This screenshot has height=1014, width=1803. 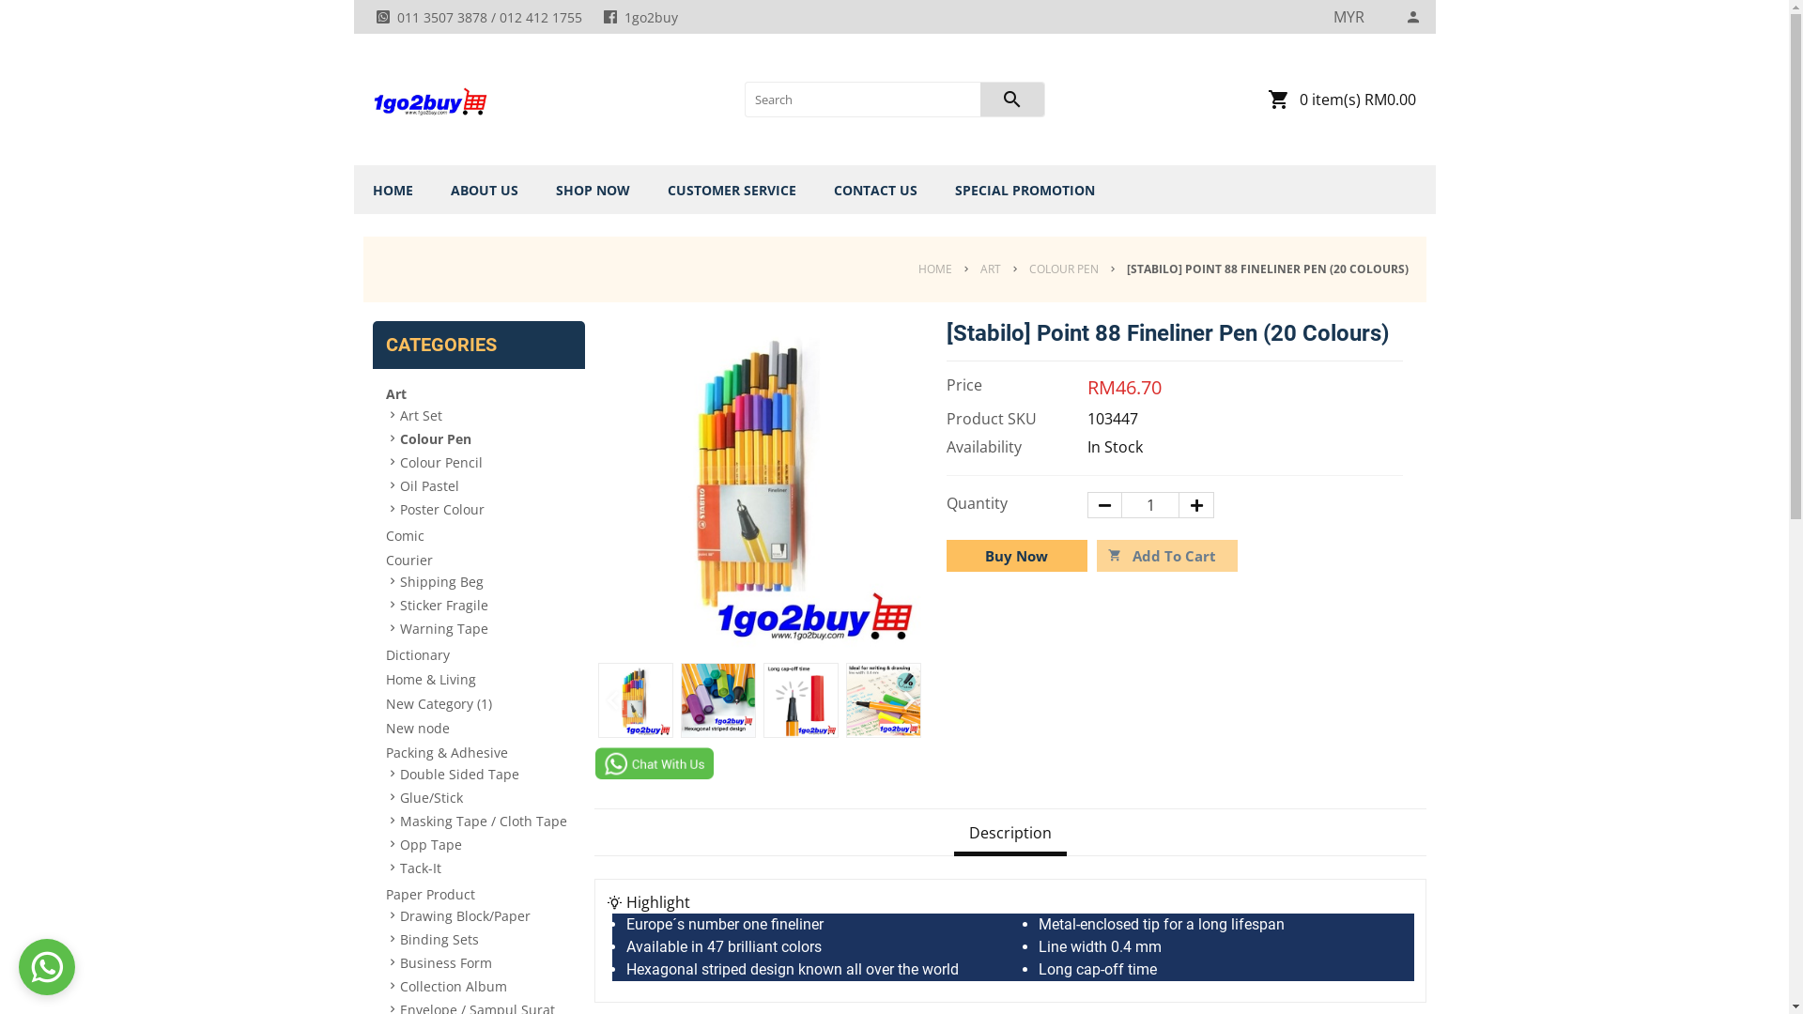 I want to click on 'Tack-It', so click(x=485, y=868).